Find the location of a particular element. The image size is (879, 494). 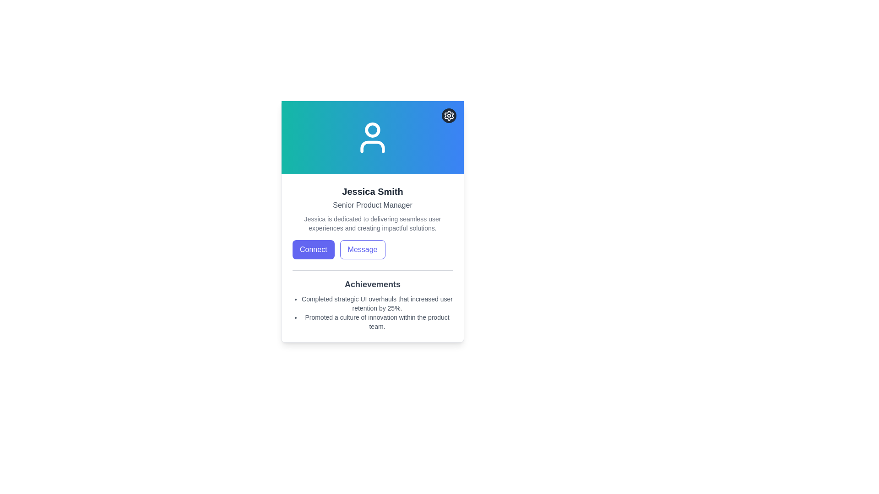

the bulleted list under the 'Achievements' heading, which contains two items styled with small gray text and a disc bullet style is located at coordinates (373, 312).